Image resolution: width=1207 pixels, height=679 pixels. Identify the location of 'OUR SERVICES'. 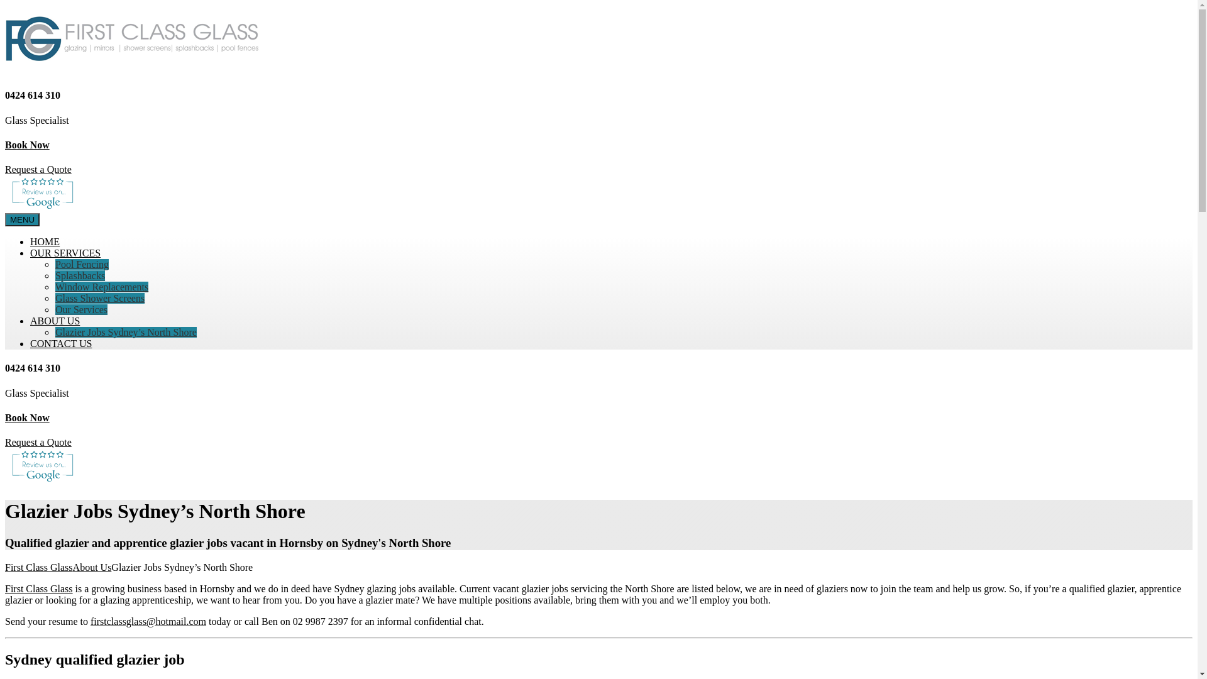
(65, 253).